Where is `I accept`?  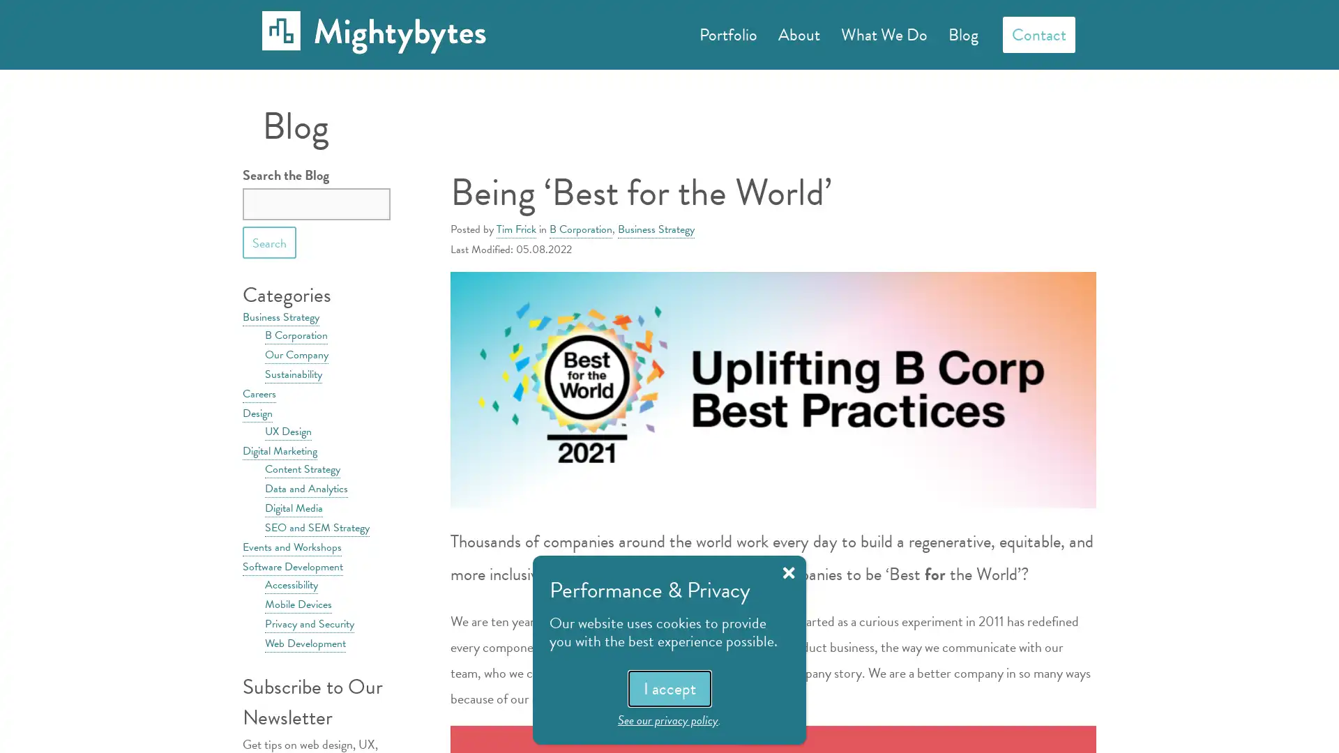 I accept is located at coordinates (668, 687).